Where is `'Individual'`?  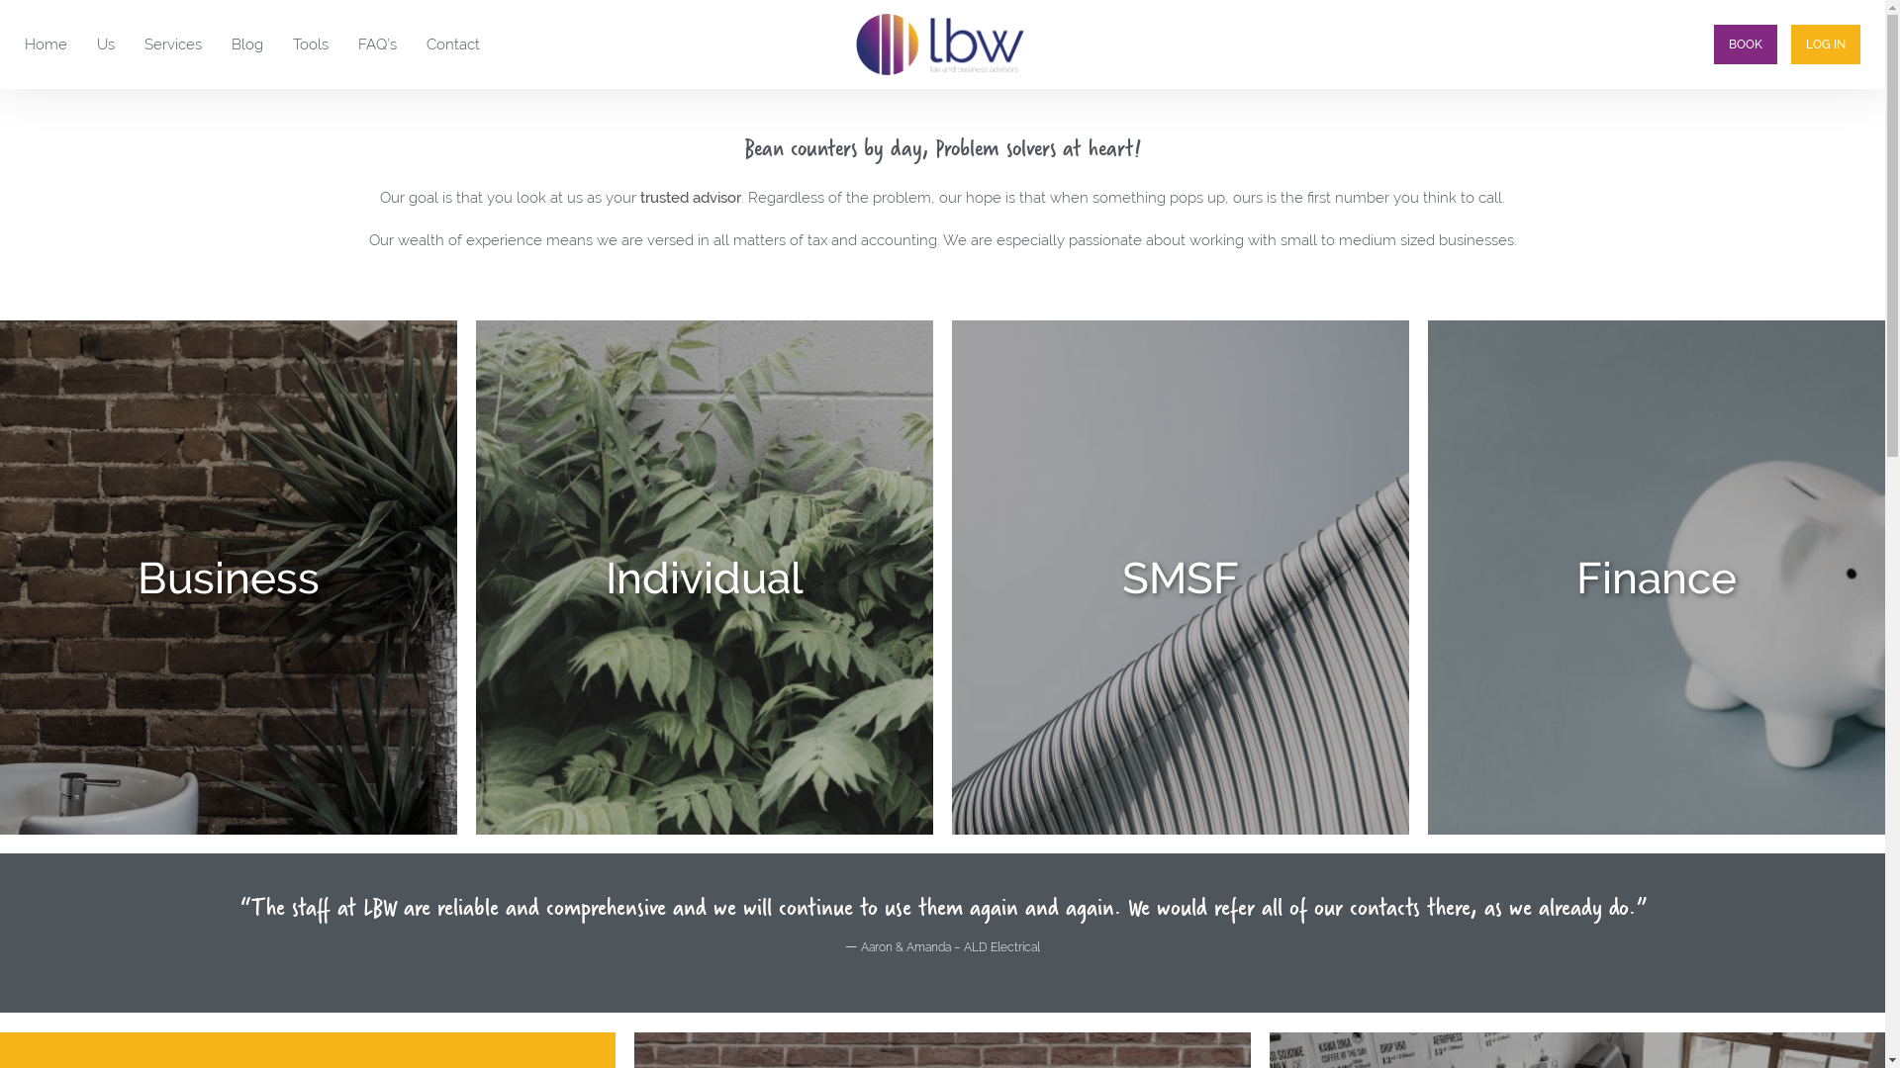 'Individual' is located at coordinates (704, 577).